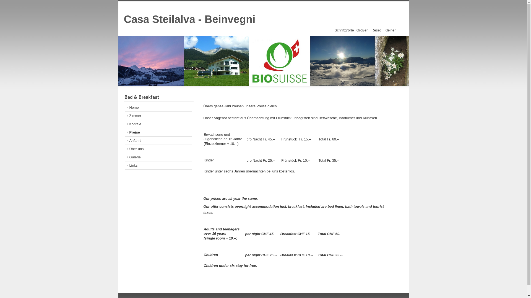 This screenshot has height=298, width=531. What do you see at coordinates (124, 165) in the screenshot?
I see `'Links'` at bounding box center [124, 165].